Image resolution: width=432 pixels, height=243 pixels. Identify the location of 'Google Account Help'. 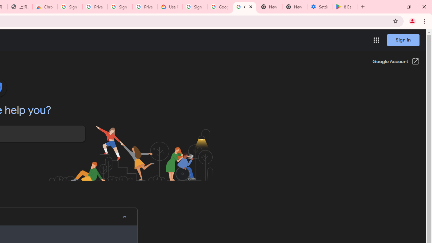
(220, 7).